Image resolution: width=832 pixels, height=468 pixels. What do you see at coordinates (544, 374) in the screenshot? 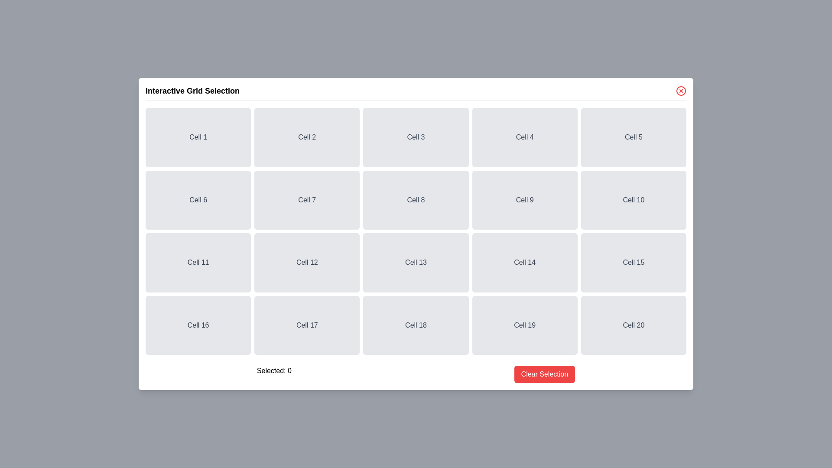
I see `the 'Clear Selection' button to clear all selected cells` at bounding box center [544, 374].